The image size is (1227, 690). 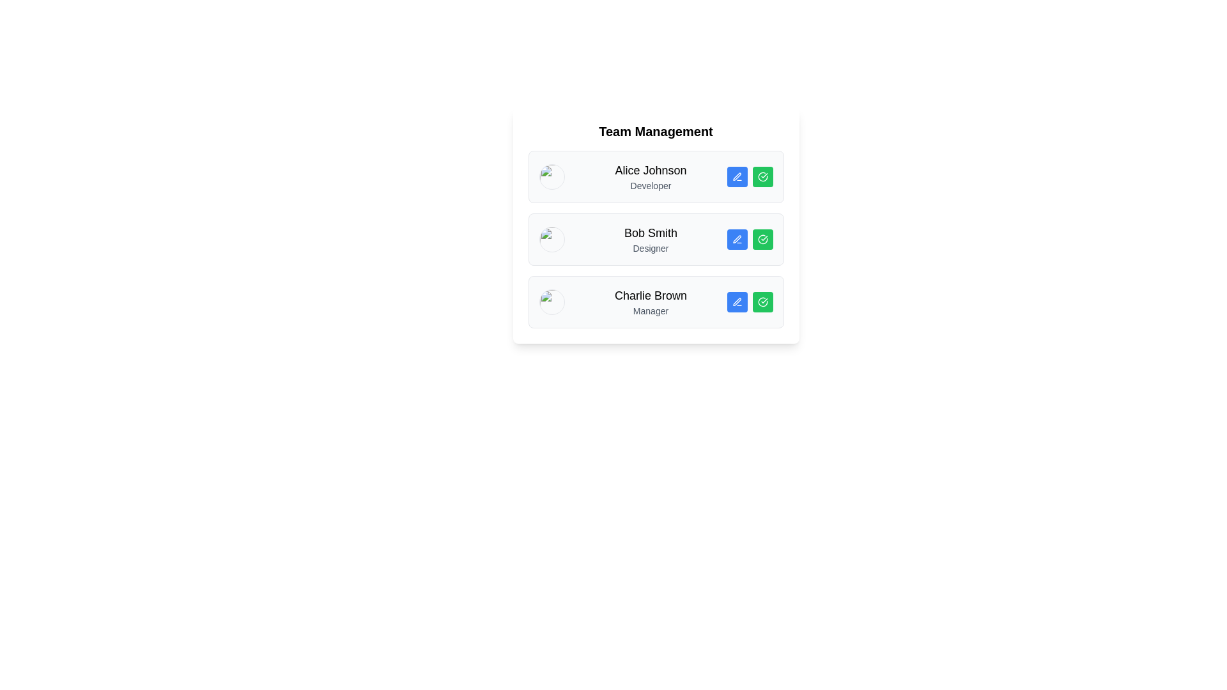 What do you see at coordinates (651, 233) in the screenshot?
I see `the static text label displaying the name 'Bob Smith' which identifies a team member in the team management section` at bounding box center [651, 233].